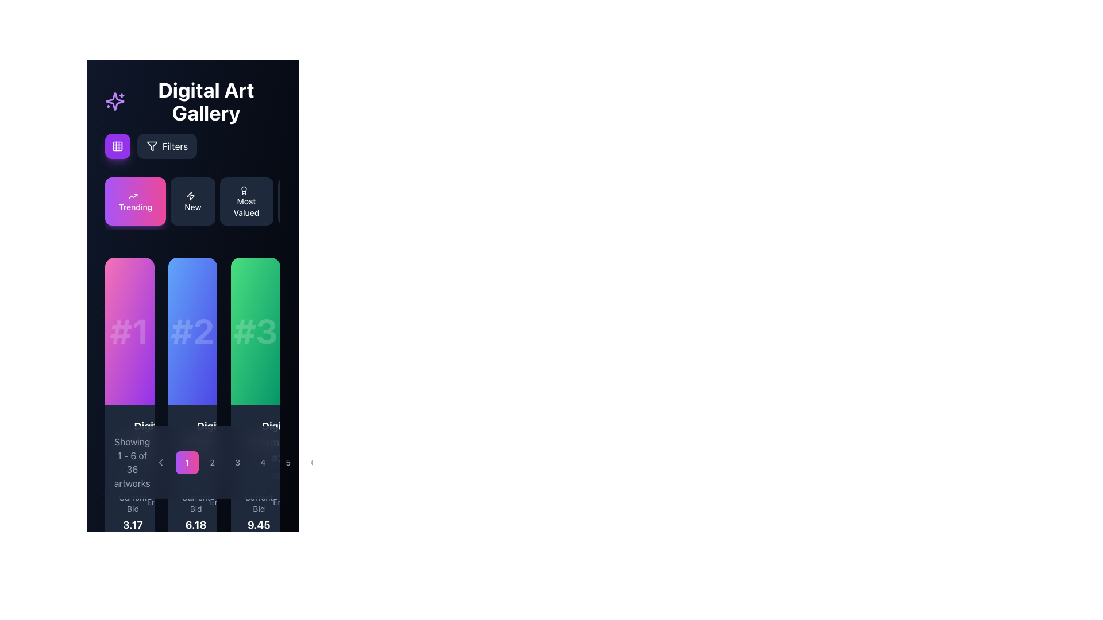  What do you see at coordinates (212, 462) in the screenshot?
I see `the circular button styled as the numeral '2'` at bounding box center [212, 462].